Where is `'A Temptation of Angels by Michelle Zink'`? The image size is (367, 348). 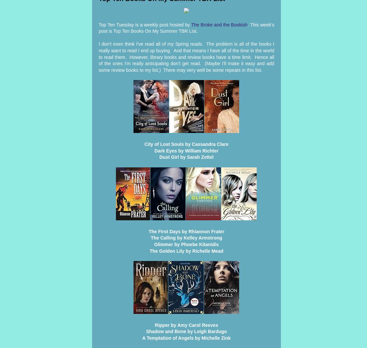
'A Temptation of Angels by Michelle Zink' is located at coordinates (186, 338).